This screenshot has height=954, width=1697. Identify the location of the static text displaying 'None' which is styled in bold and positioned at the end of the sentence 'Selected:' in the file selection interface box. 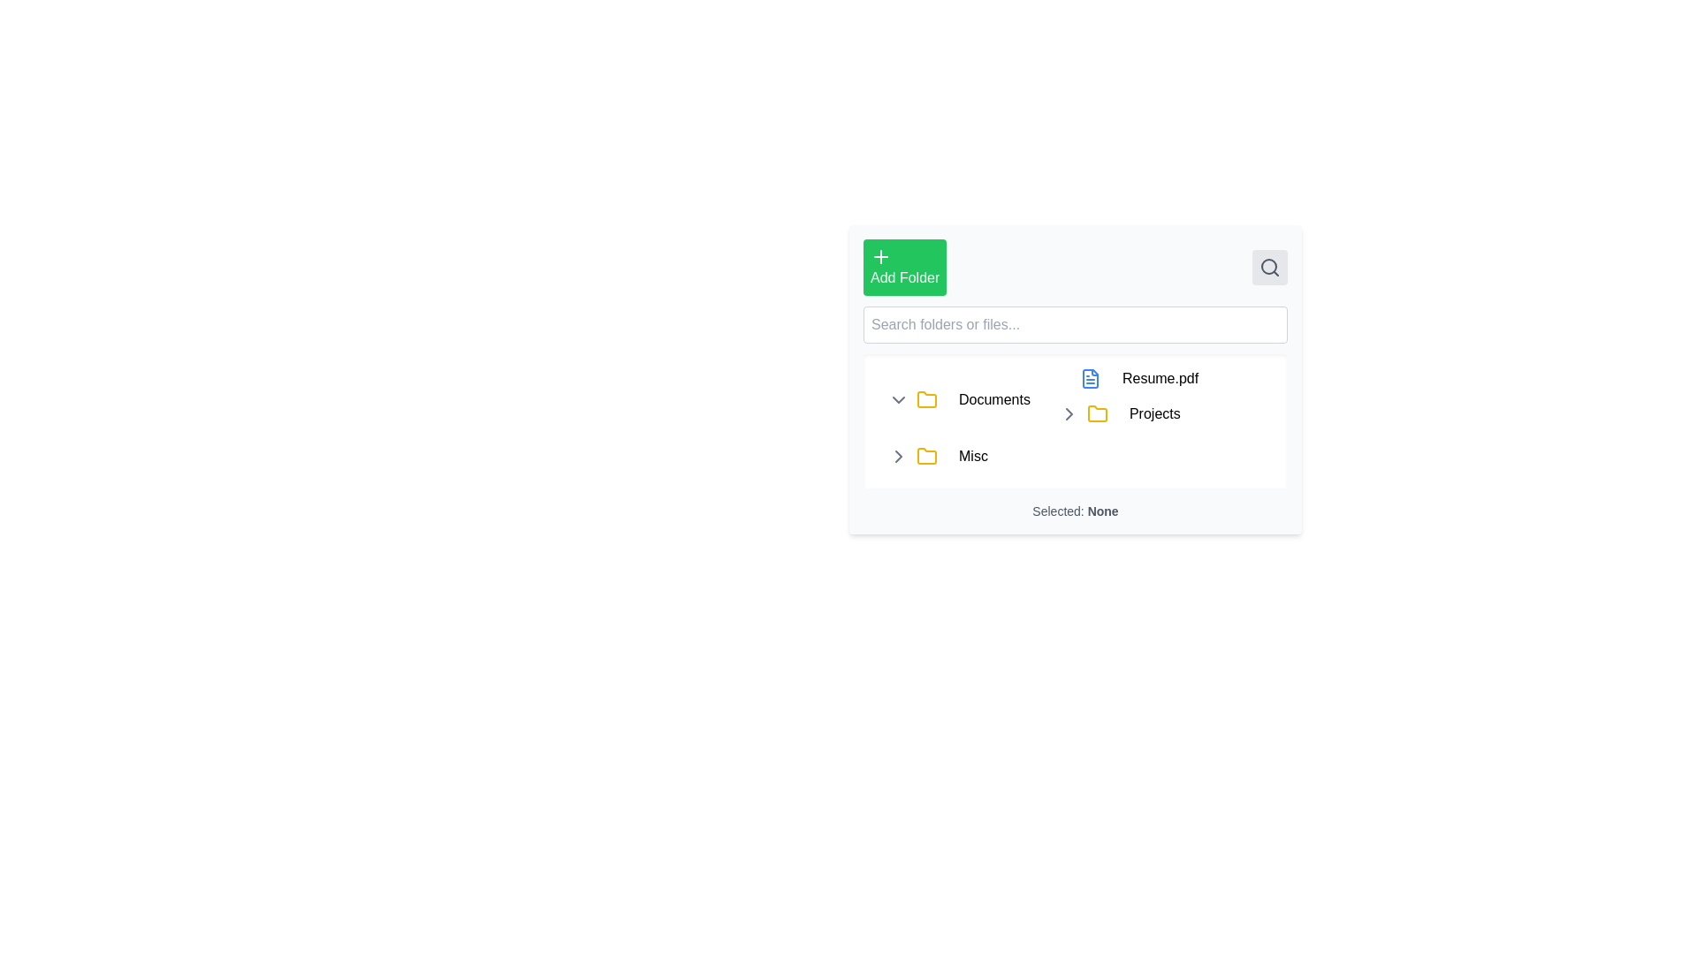
(1102, 511).